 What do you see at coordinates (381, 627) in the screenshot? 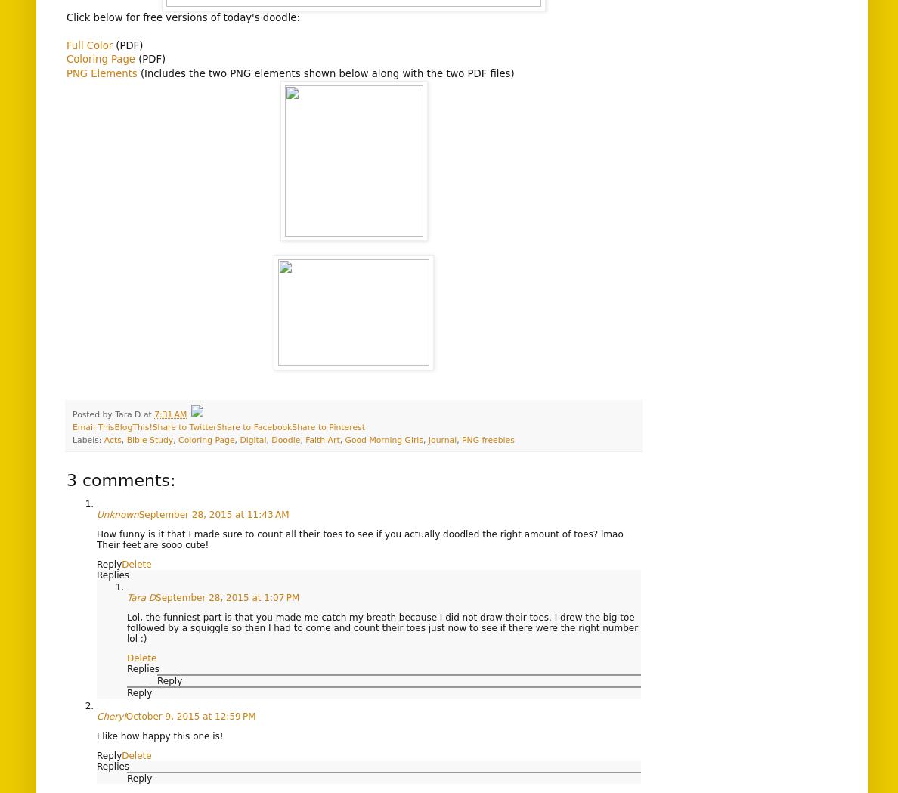
I see `'Lol, the funniest part is that you made me catch my breath because I did not draw their toes.  I drew the big toe followed by a squiggle so then I had to come and count their toes just now to see if there were the right number  lol :)'` at bounding box center [381, 627].